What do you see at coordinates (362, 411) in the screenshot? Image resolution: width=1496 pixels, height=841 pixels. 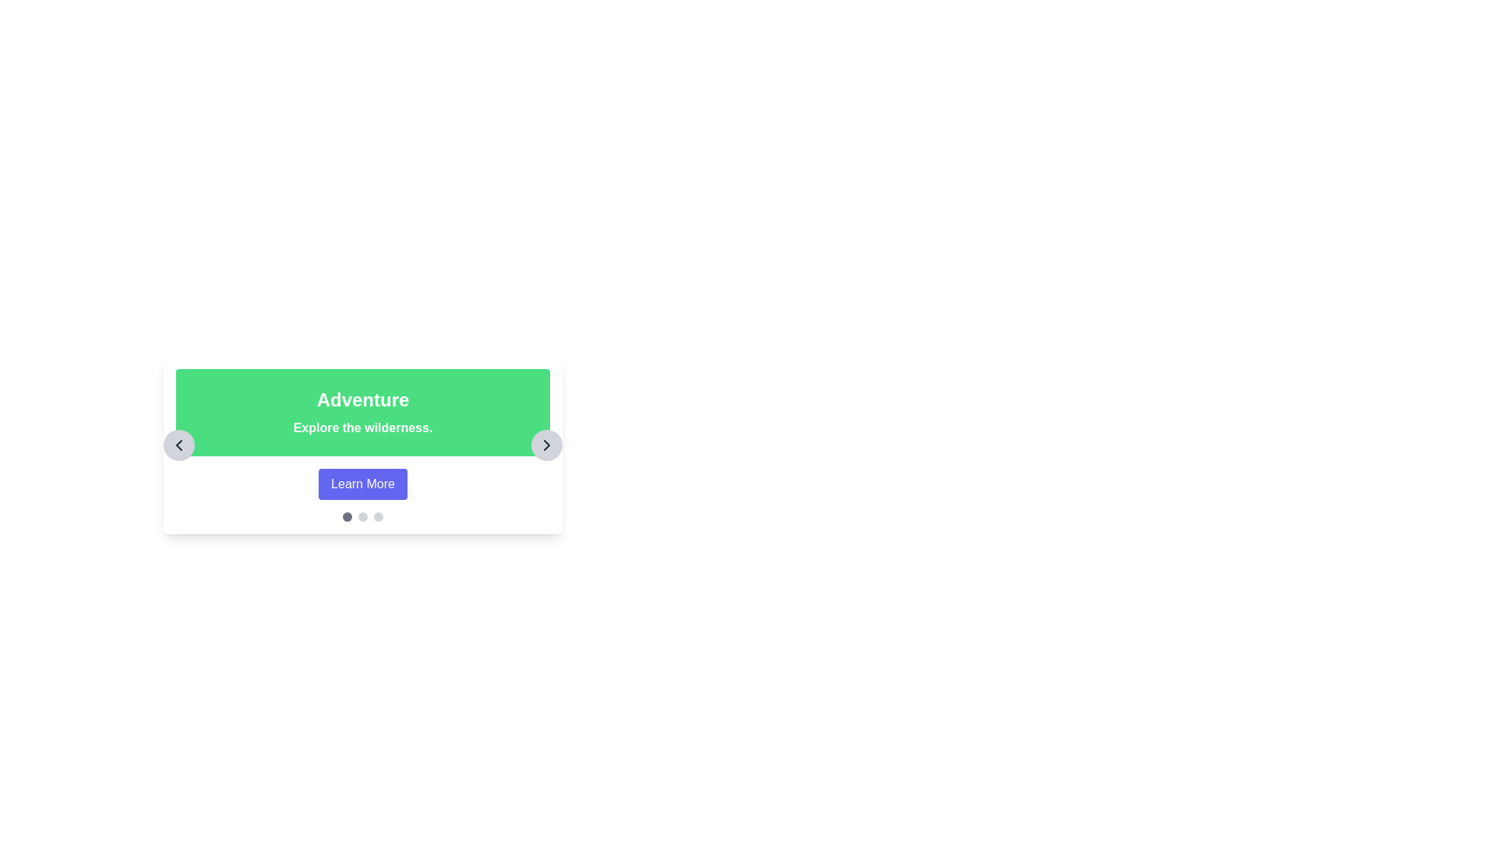 I see `the green Informational Banner titled 'Adventure' with a subtitle 'Explore the wilderness.'` at bounding box center [362, 411].